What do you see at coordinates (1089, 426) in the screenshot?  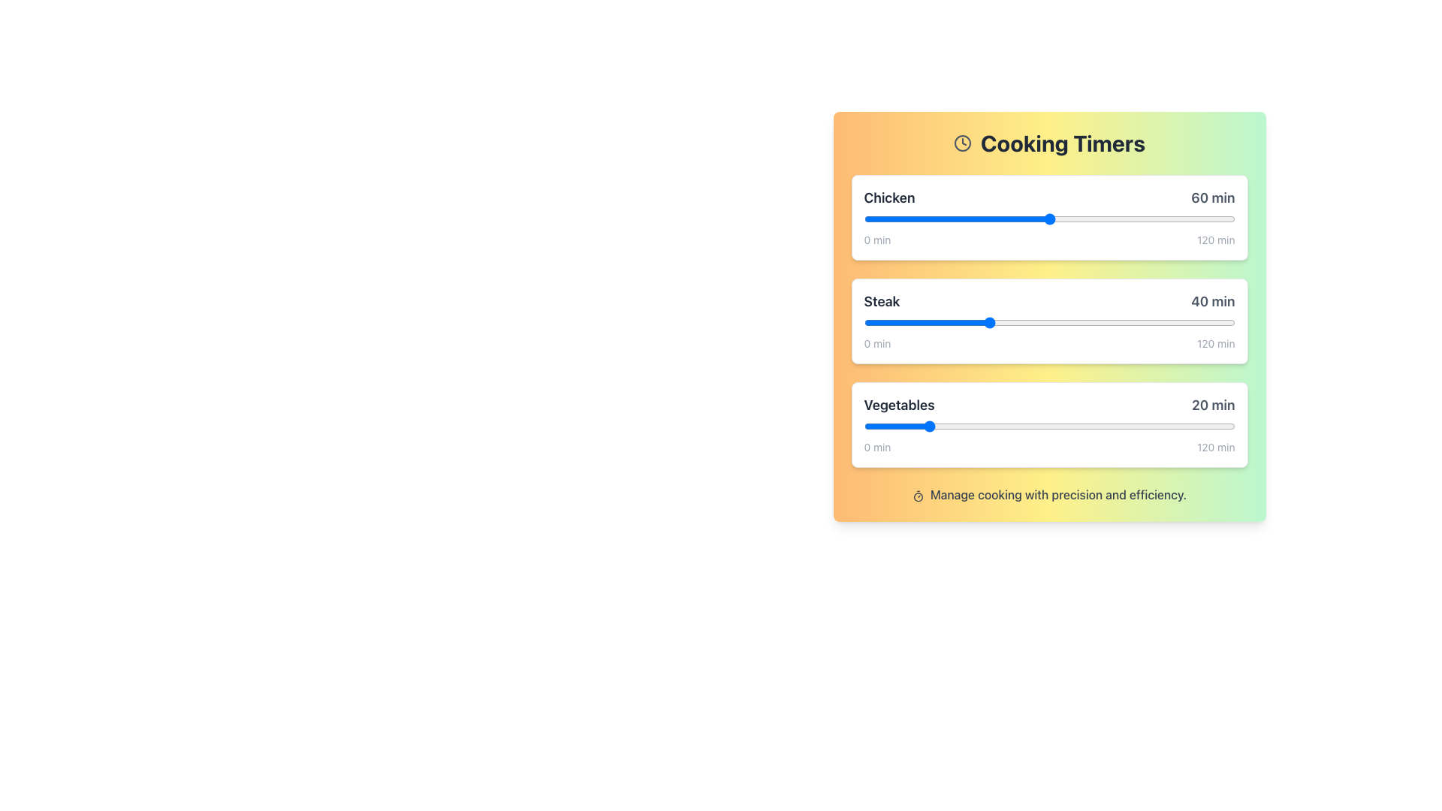 I see `the timer for vegetables` at bounding box center [1089, 426].